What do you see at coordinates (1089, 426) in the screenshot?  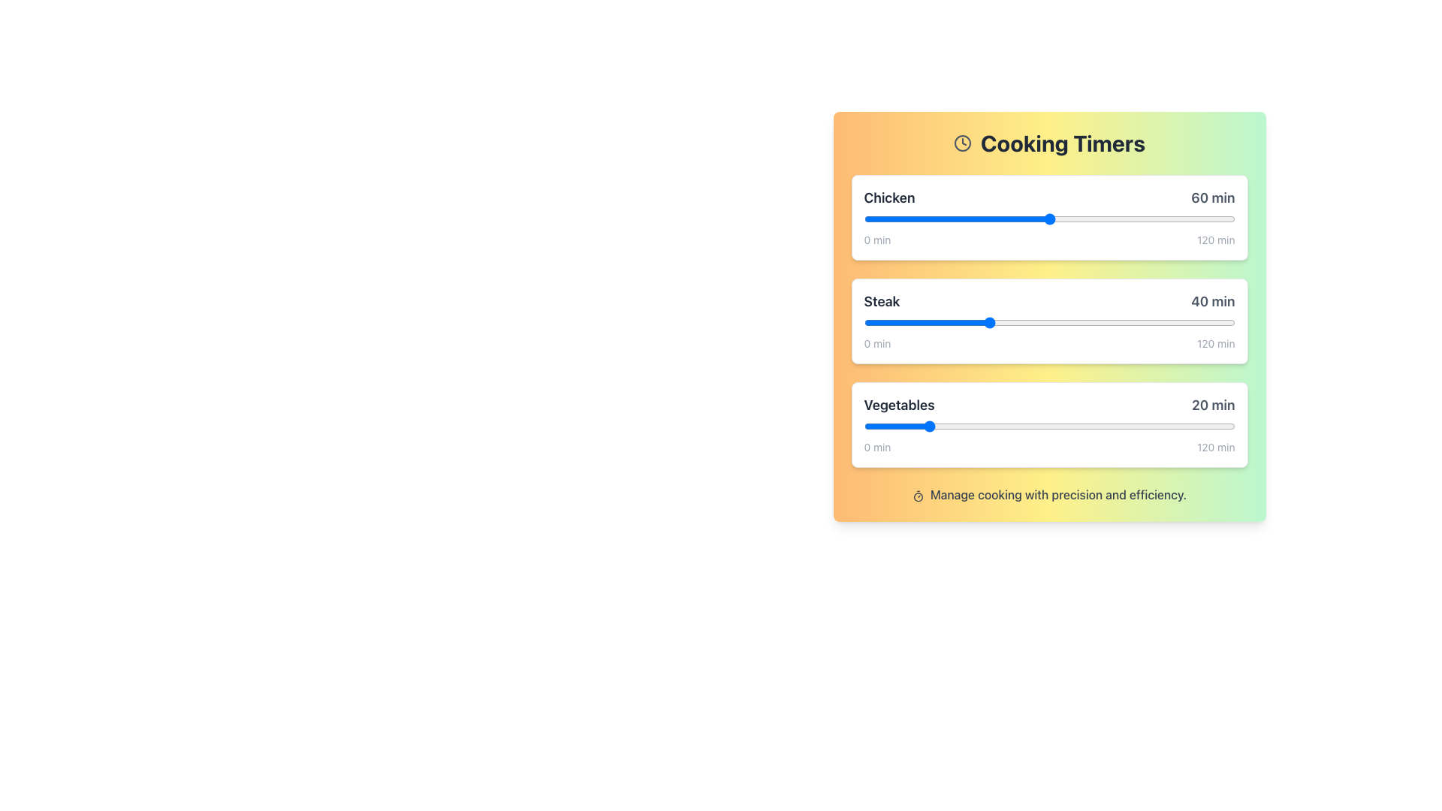 I see `the timer for vegetables` at bounding box center [1089, 426].